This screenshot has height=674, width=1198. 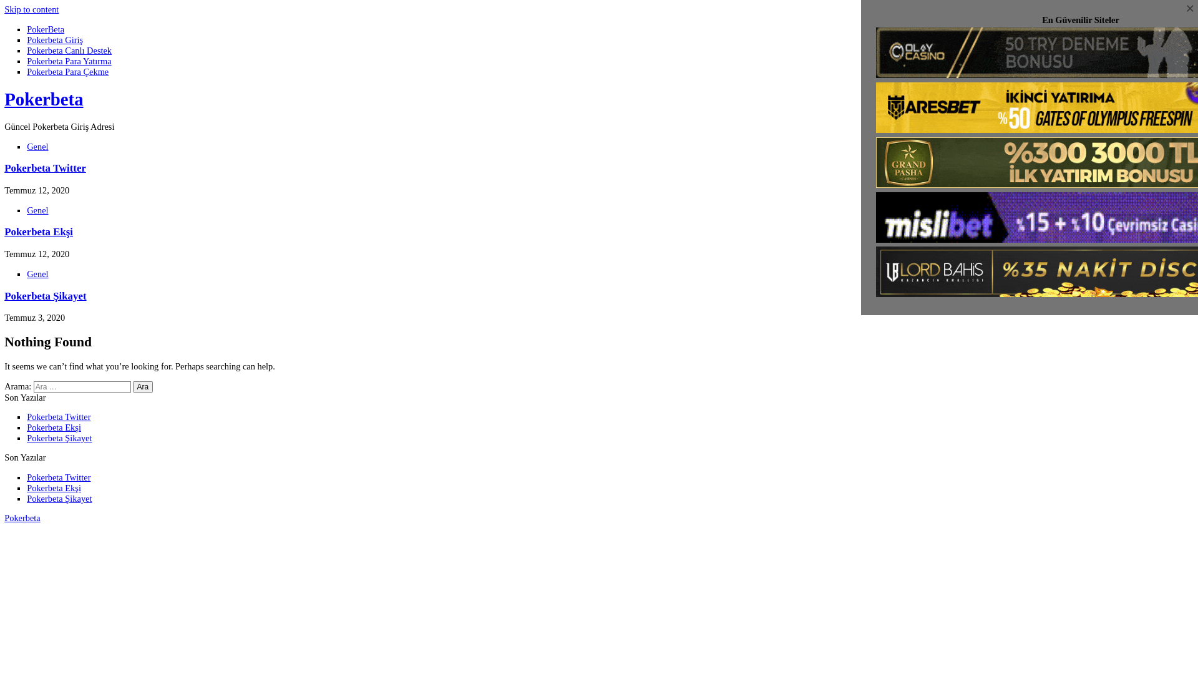 What do you see at coordinates (158, 429) in the screenshot?
I see `'Ara'` at bounding box center [158, 429].